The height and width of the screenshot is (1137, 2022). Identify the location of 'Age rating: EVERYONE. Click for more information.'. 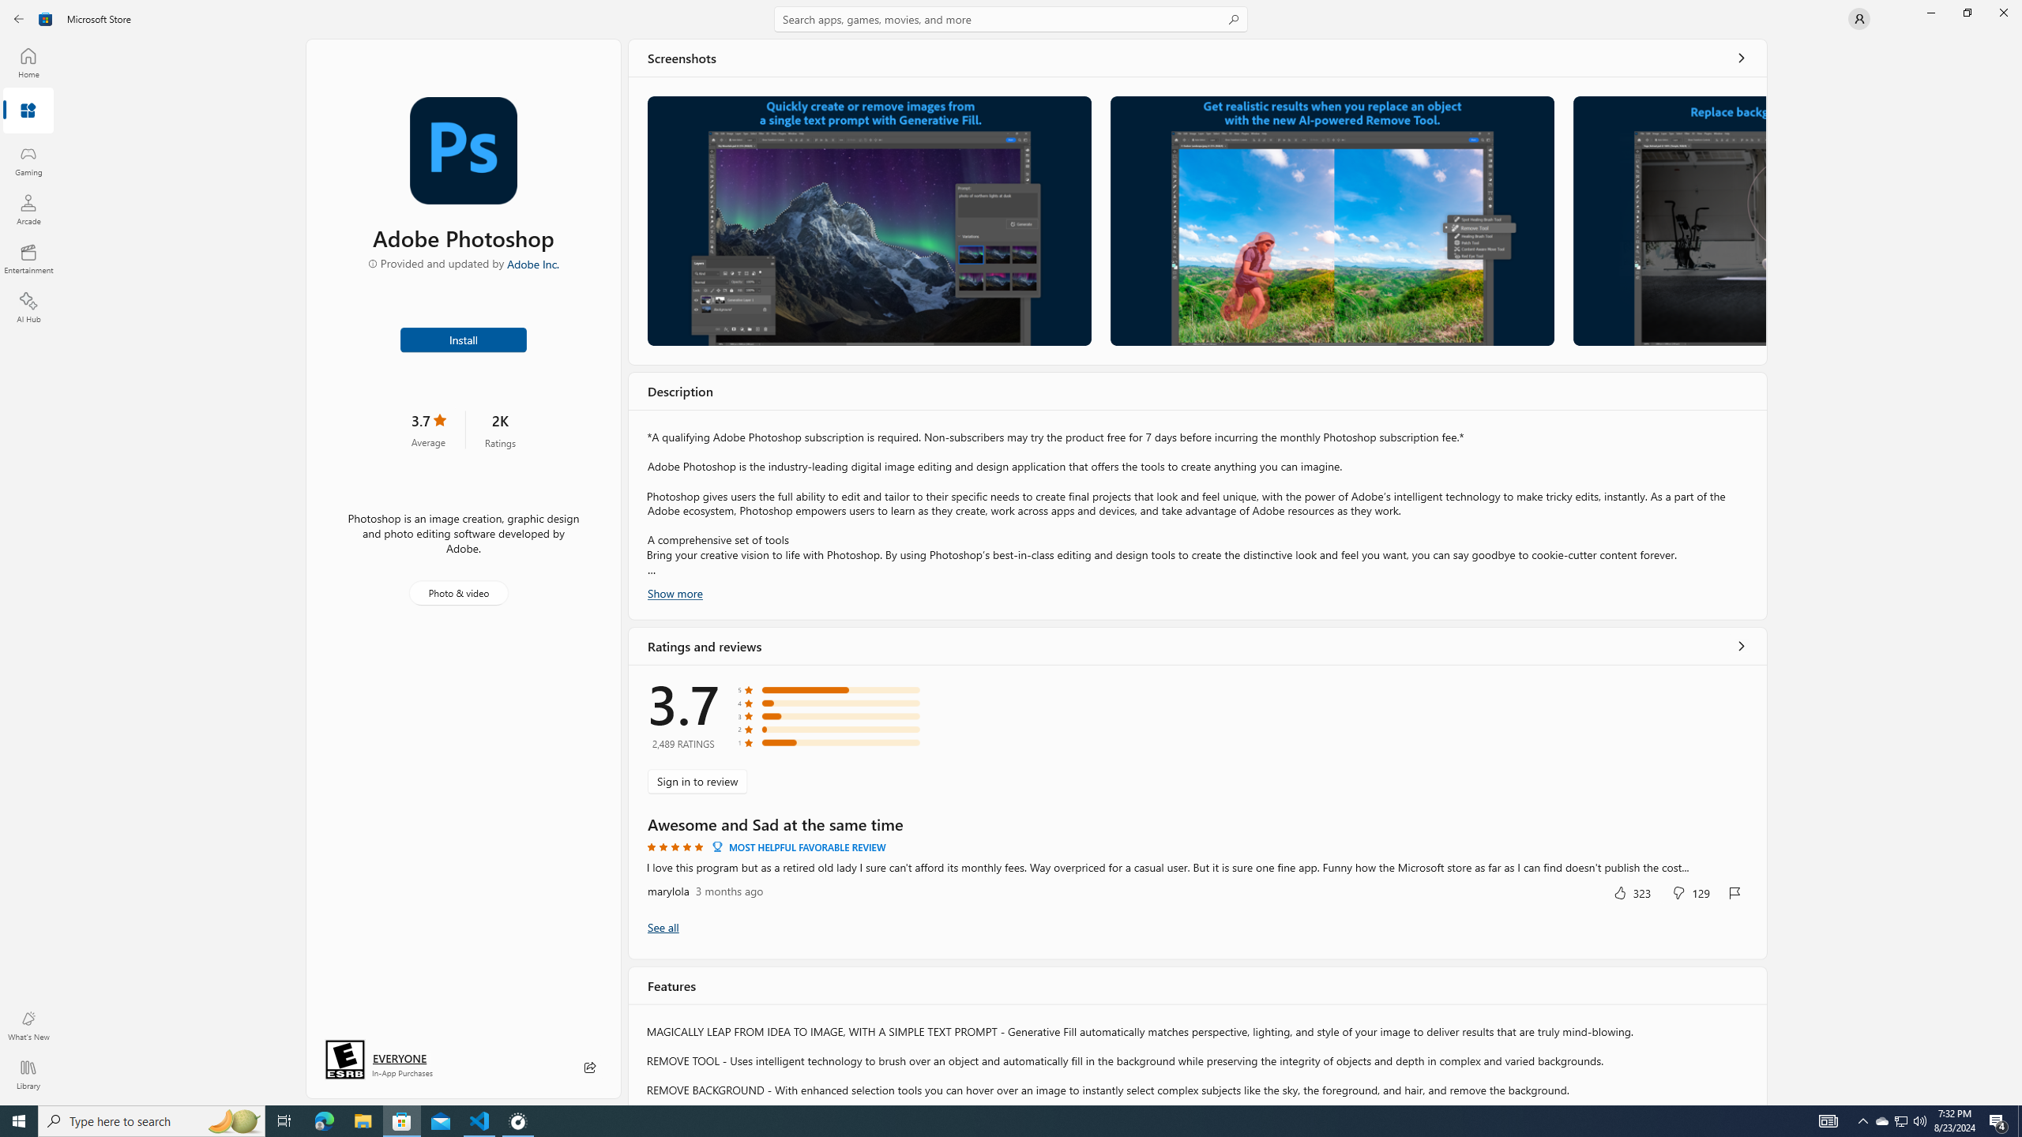
(399, 1058).